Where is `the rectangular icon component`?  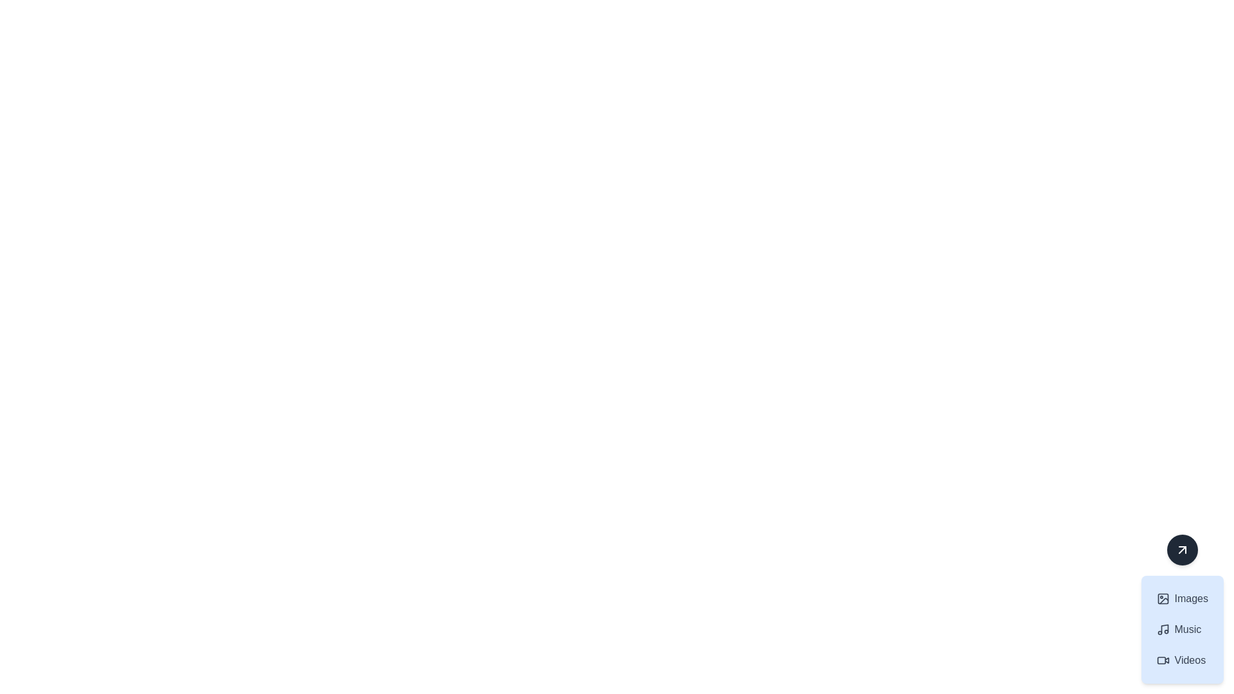
the rectangular icon component is located at coordinates (1163, 599).